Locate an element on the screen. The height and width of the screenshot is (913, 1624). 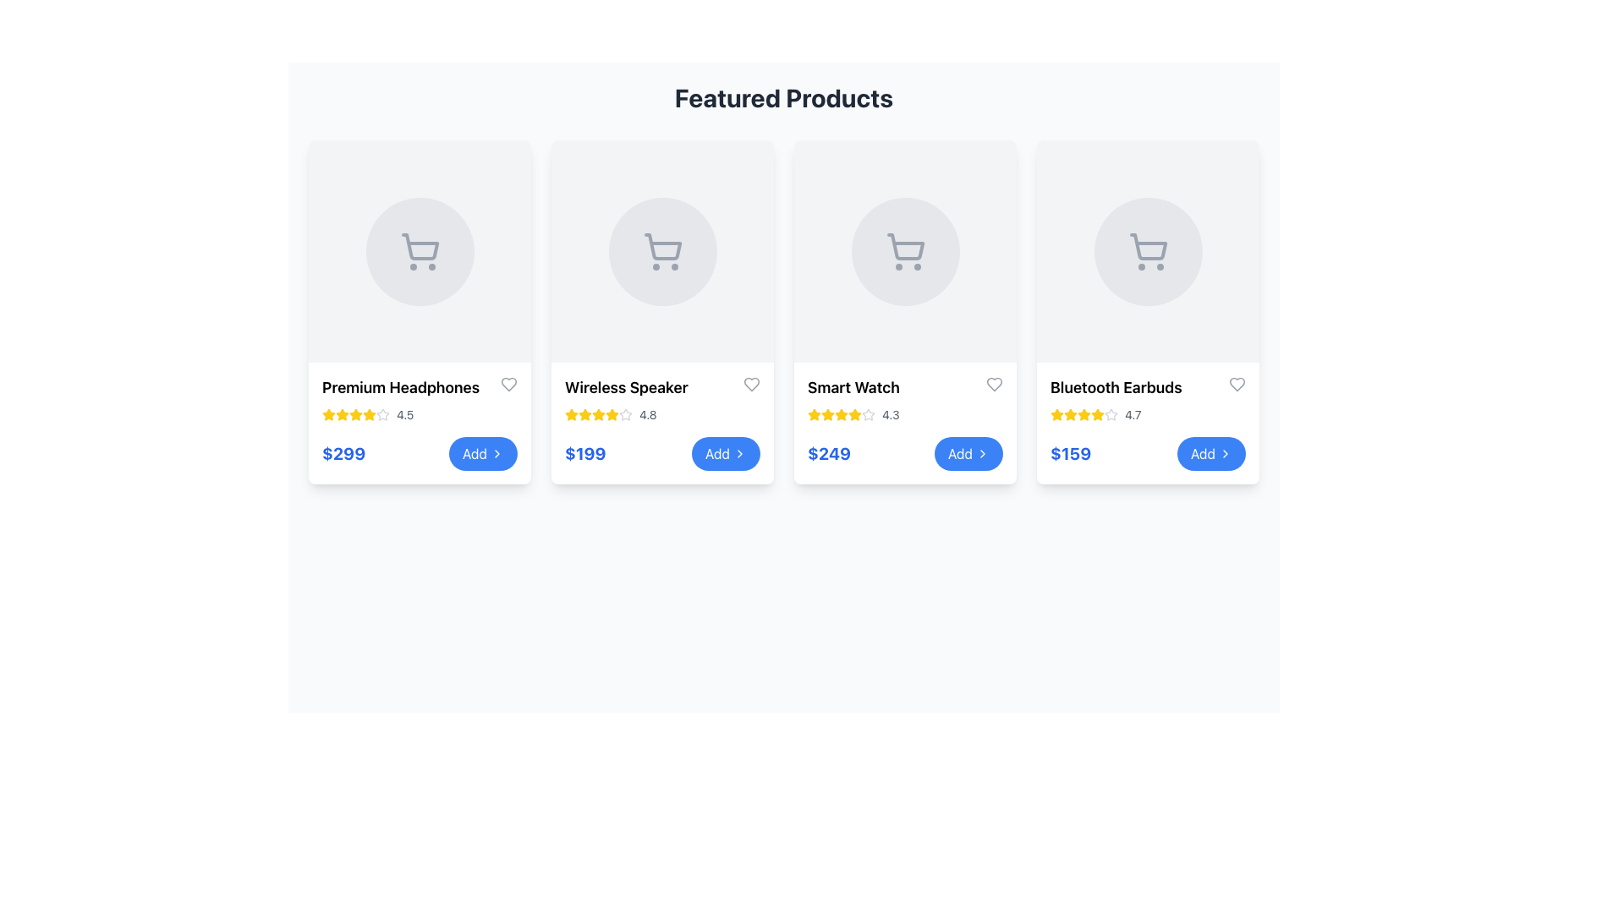
the star icon representing the rating for the 'Premium Headphones' product, located at the top-left corner of the card's bottom section is located at coordinates (328, 414).